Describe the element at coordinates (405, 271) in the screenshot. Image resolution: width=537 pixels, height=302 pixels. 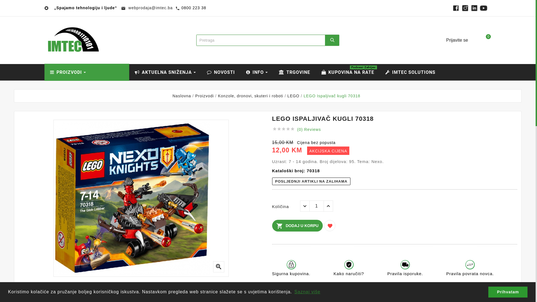
I see `'  Pravila isporuke.'` at that location.